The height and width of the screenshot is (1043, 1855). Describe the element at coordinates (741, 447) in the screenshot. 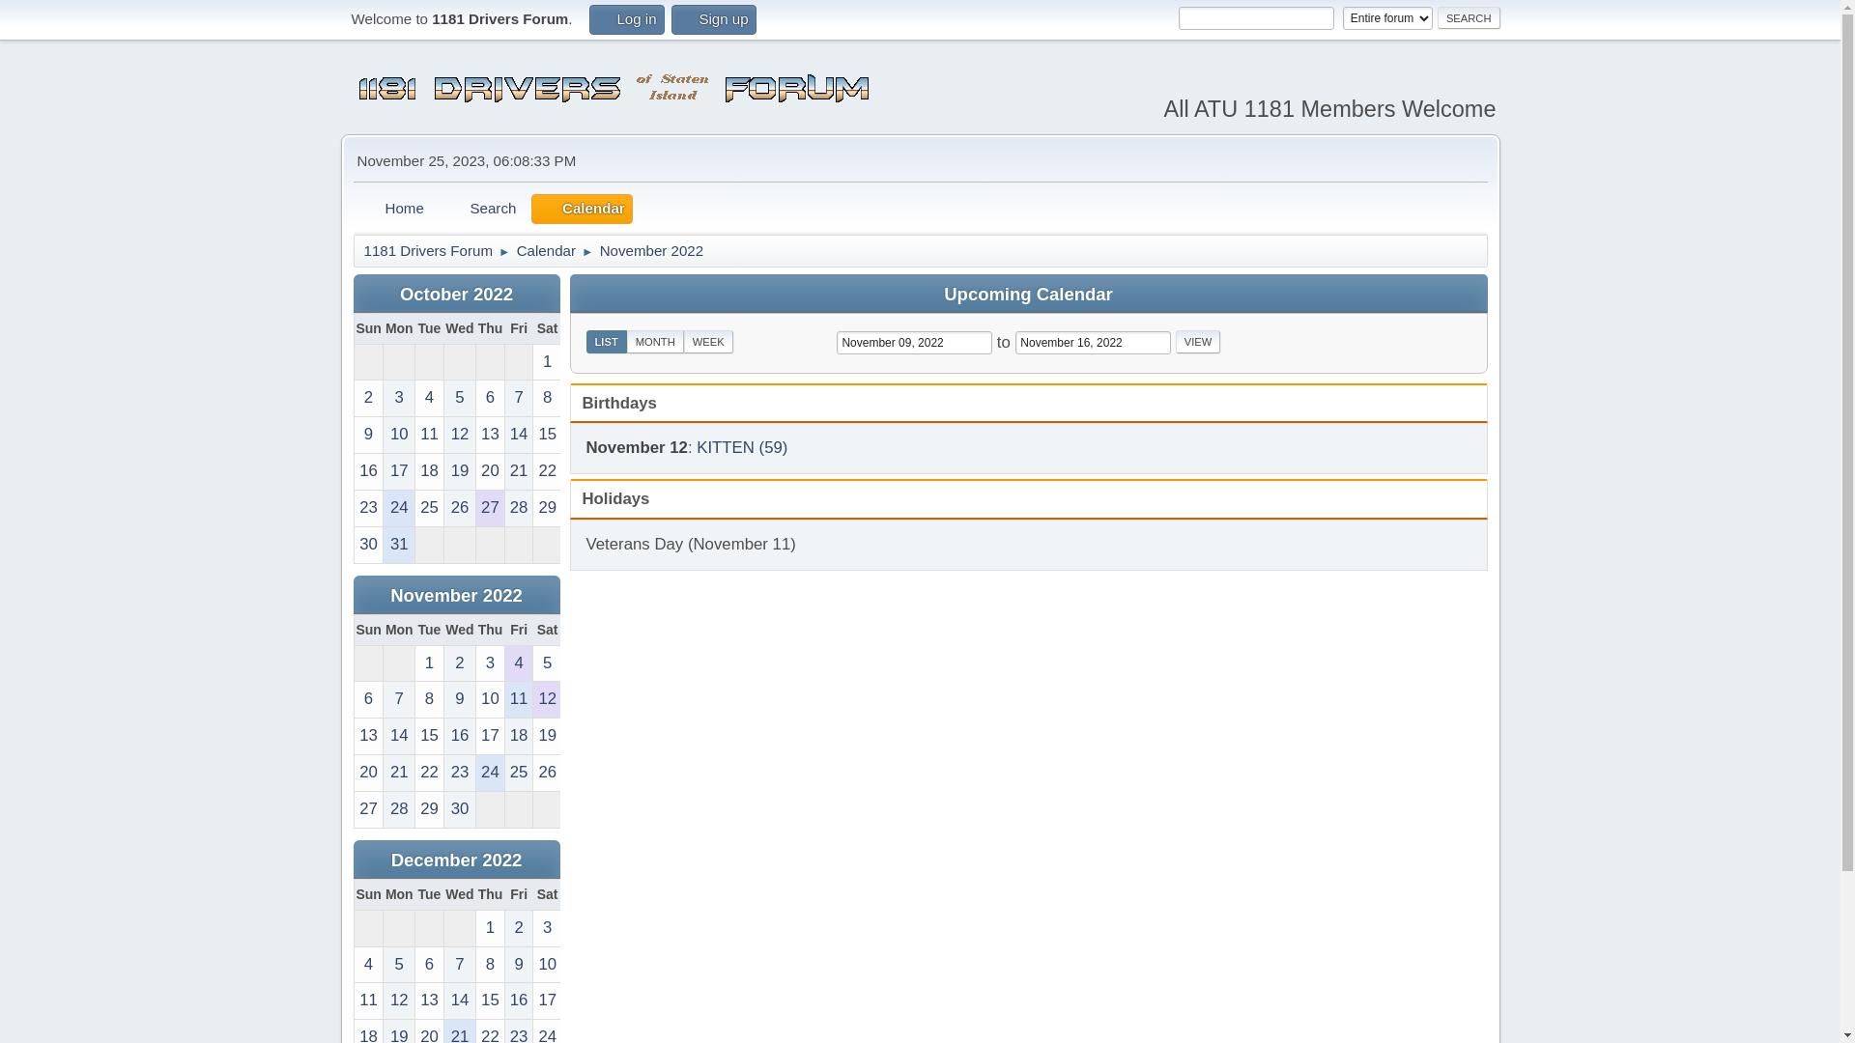

I see `'KITTEN (59)'` at that location.